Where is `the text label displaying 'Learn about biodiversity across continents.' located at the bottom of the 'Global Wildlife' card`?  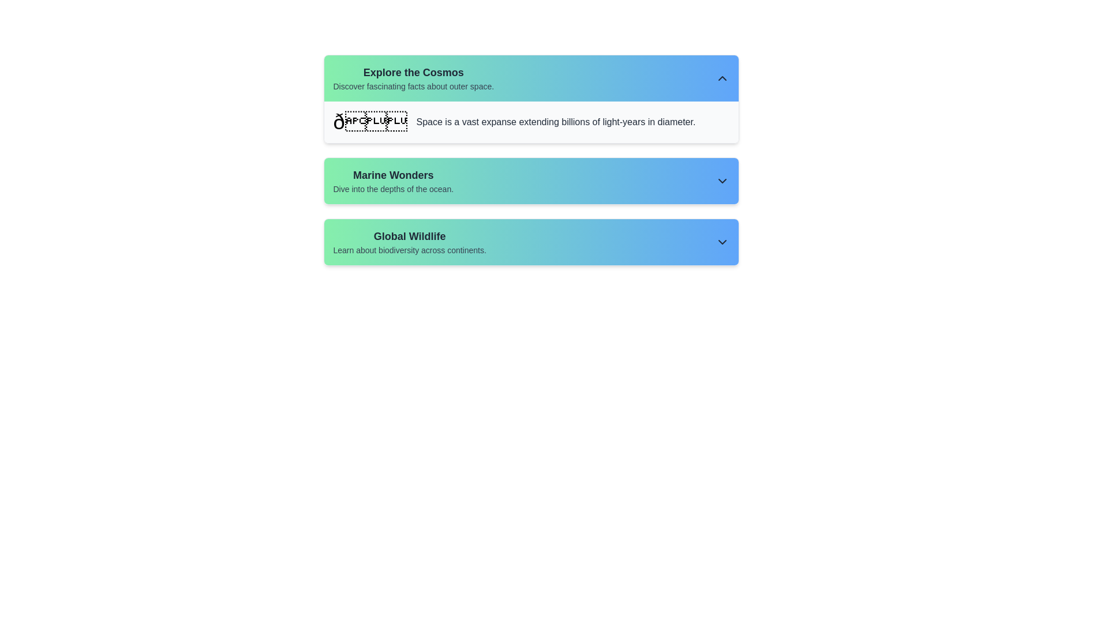 the text label displaying 'Learn about biodiversity across continents.' located at the bottom of the 'Global Wildlife' card is located at coordinates (410, 250).